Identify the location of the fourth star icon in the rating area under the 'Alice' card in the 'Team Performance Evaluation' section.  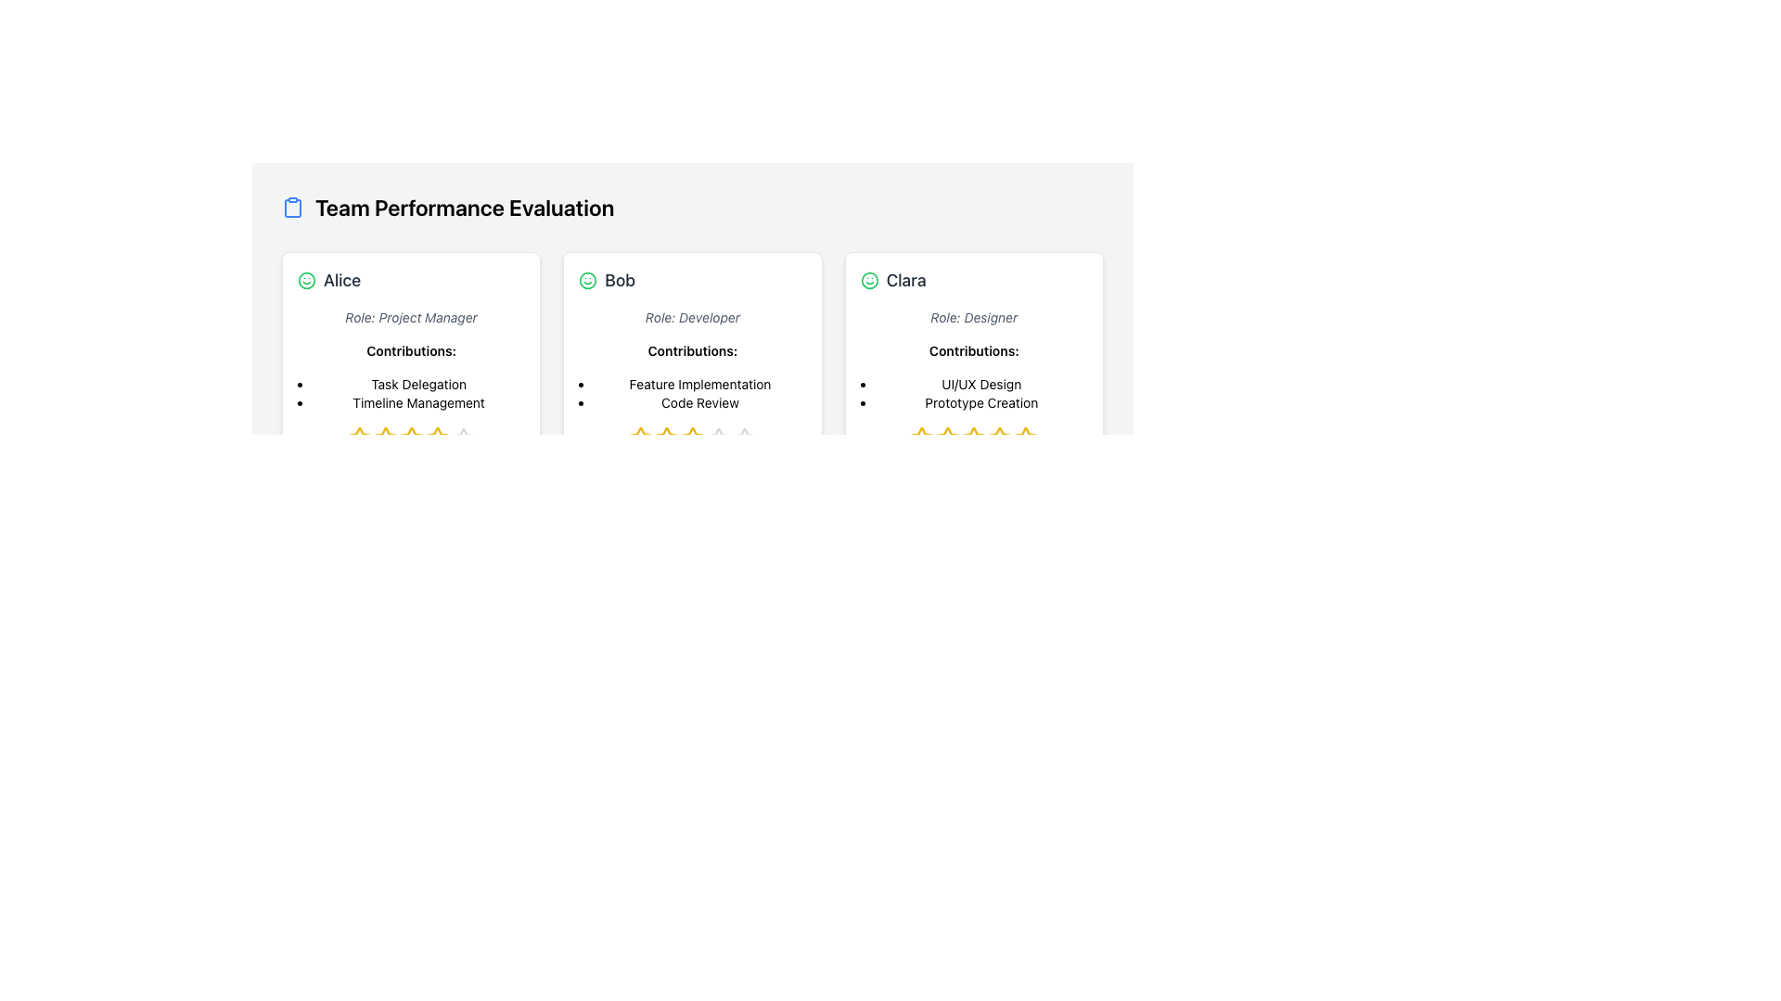
(410, 438).